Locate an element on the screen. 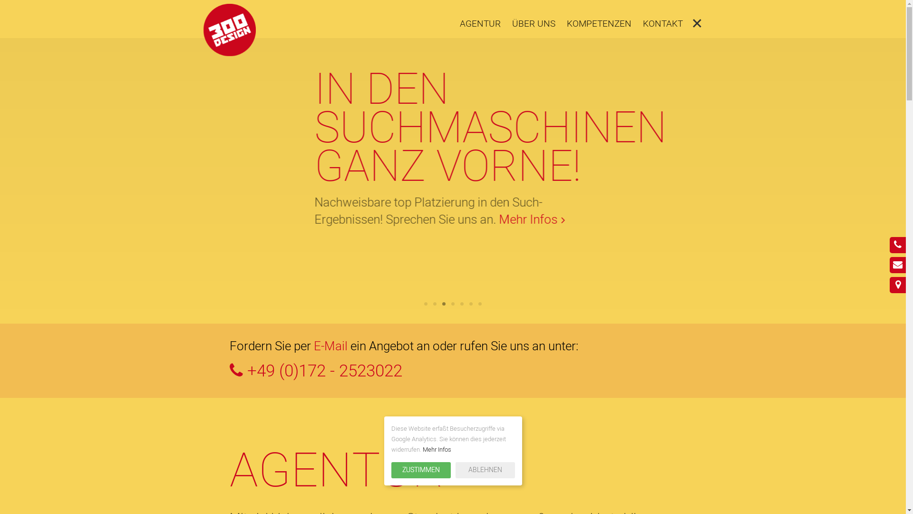 The height and width of the screenshot is (514, 913). 'AGENTUR' is located at coordinates (479, 23).